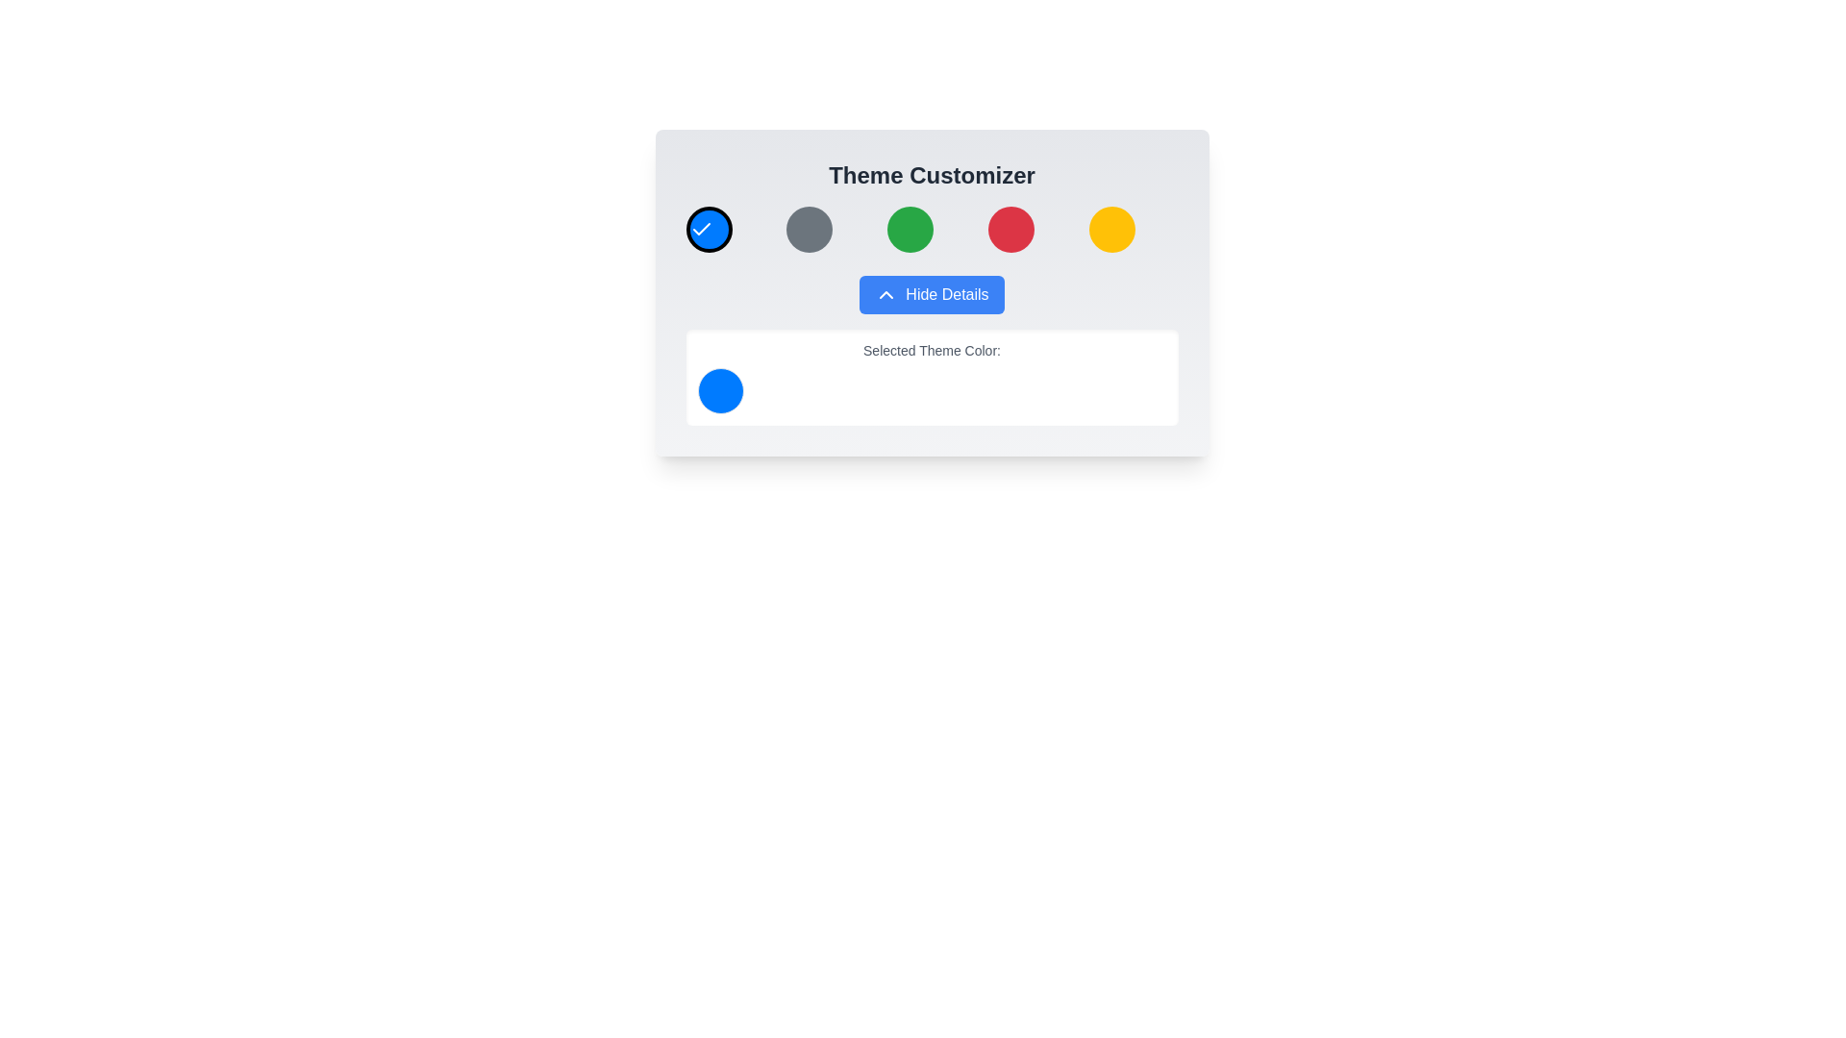 This screenshot has width=1846, height=1038. Describe the element at coordinates (708, 229) in the screenshot. I see `the blue theme color button, which is the first button in a row of five located below the 'Theme Customizer' title, to scale it up` at that location.